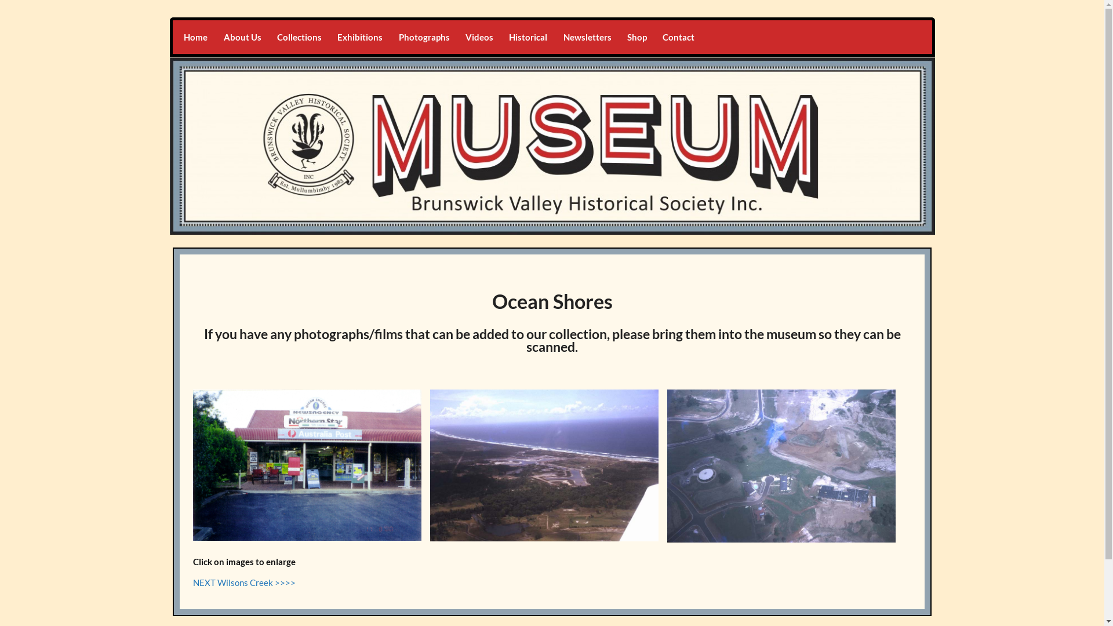 Image resolution: width=1113 pixels, height=626 pixels. I want to click on 'Brunswick Valley Historical Society Inc', so click(360, 30).